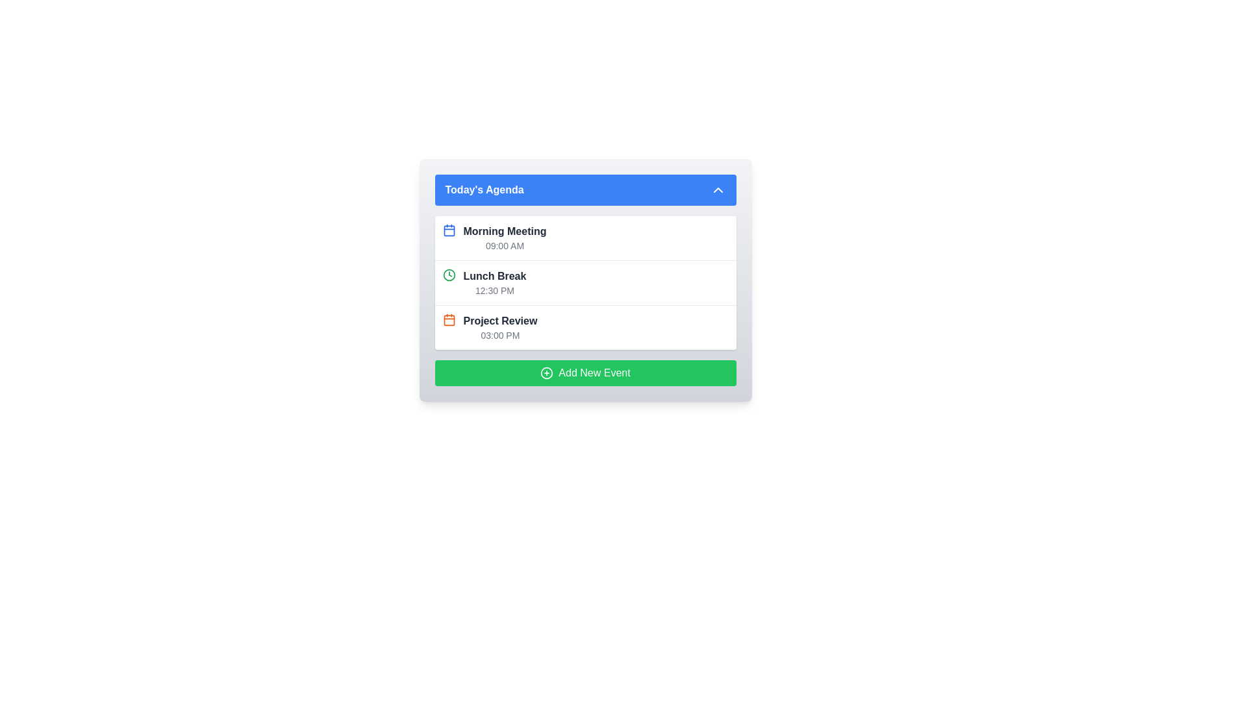 The image size is (1247, 701). Describe the element at coordinates (494, 275) in the screenshot. I see `text label for the 'Lunch Break' event, which is the second item in the agenda list, located between 'Morning Meeting' and 'Project Review'` at that location.